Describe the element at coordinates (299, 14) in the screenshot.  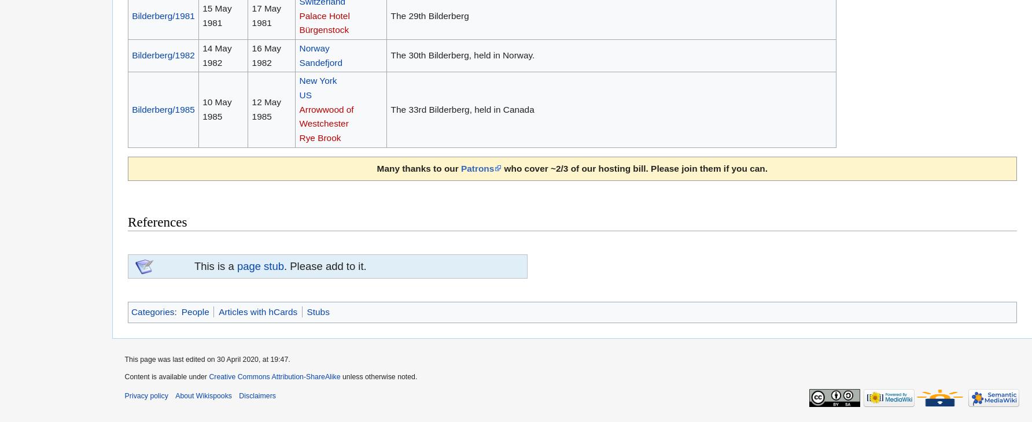
I see `'Palace Hotel'` at that location.